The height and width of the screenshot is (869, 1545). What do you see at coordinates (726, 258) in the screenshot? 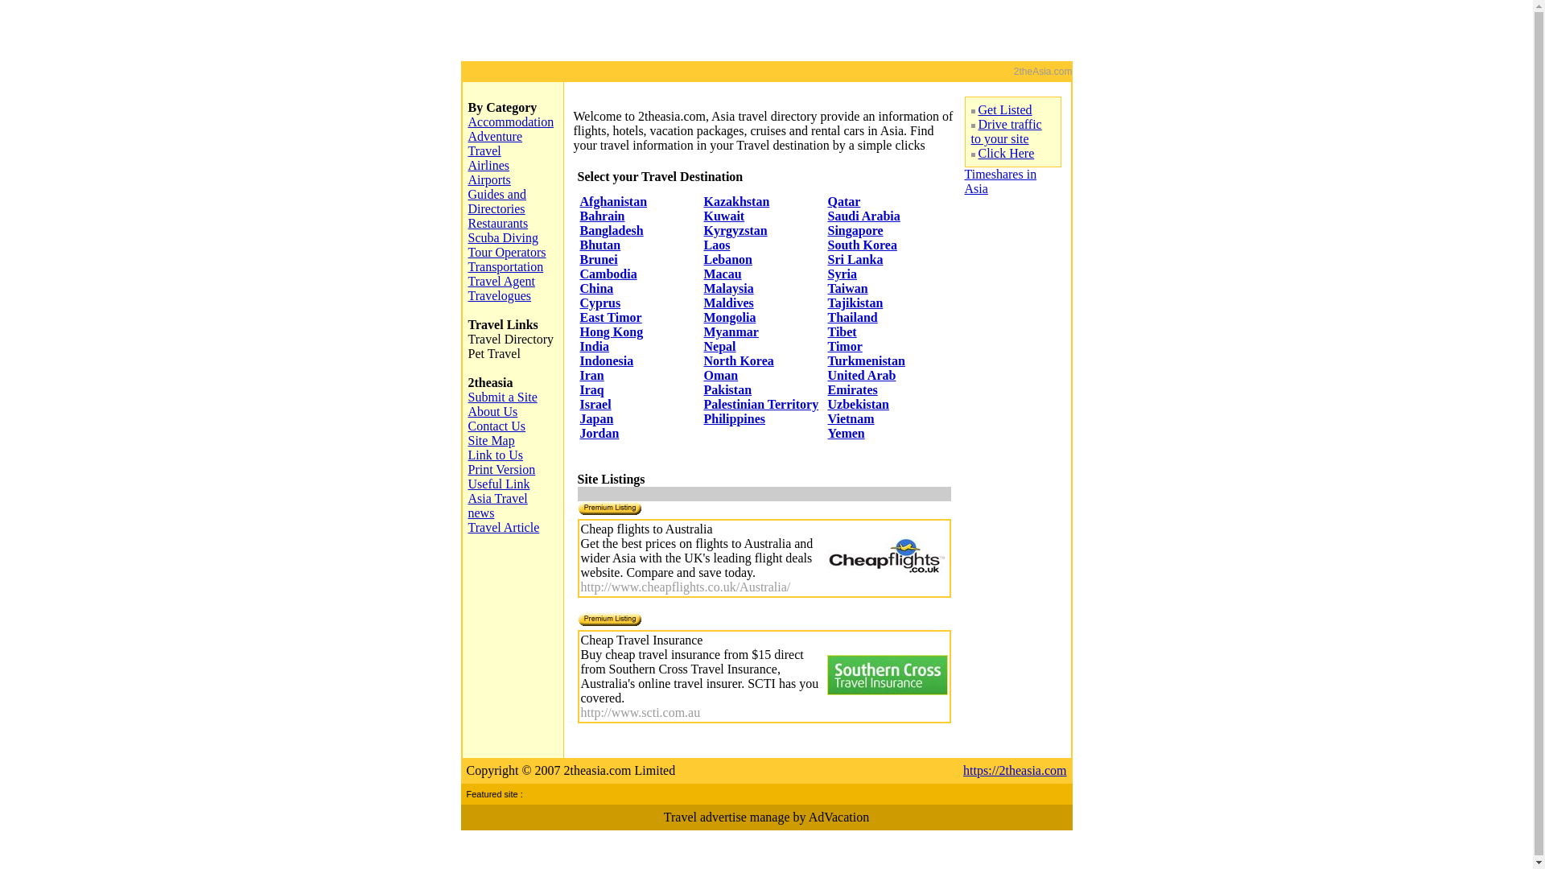
I see `'Lebanon'` at bounding box center [726, 258].